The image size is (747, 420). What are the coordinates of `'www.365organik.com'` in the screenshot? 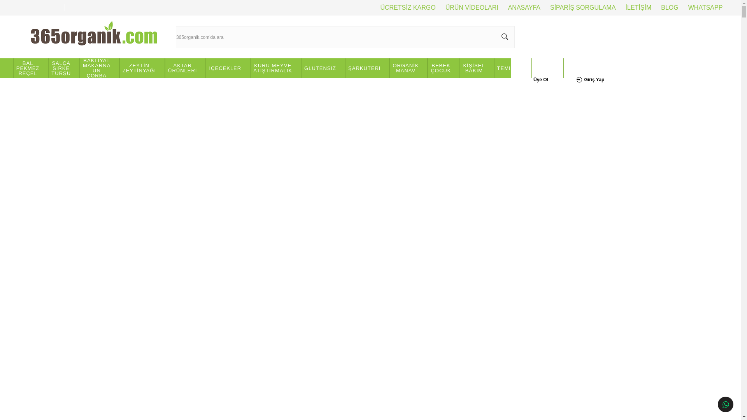 It's located at (93, 37).